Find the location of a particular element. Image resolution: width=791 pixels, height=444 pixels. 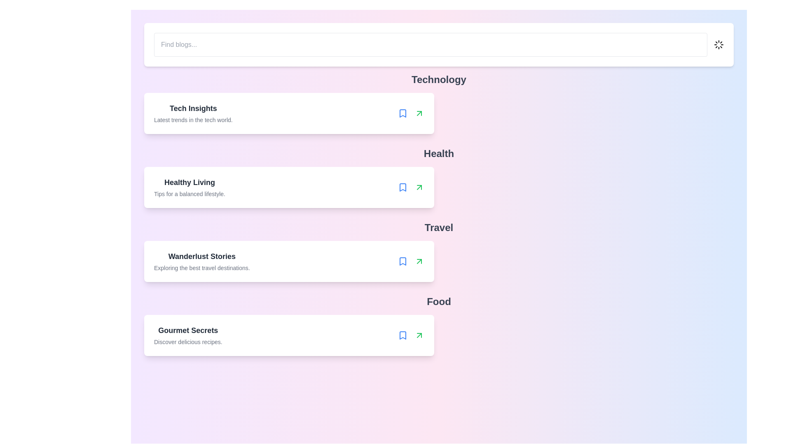

the interactive arrow icon located at the rightmost side of the Technology section card to receive visual feedback is located at coordinates (419, 113).